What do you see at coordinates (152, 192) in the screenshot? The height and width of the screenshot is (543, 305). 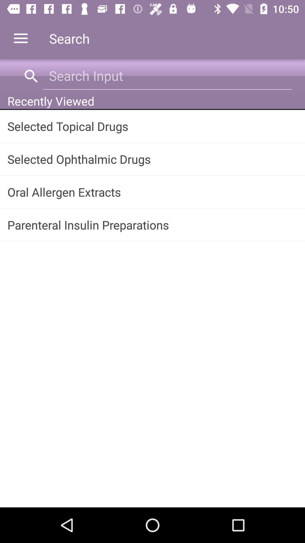 I see `the icon below selected ophthalmic drugs app` at bounding box center [152, 192].